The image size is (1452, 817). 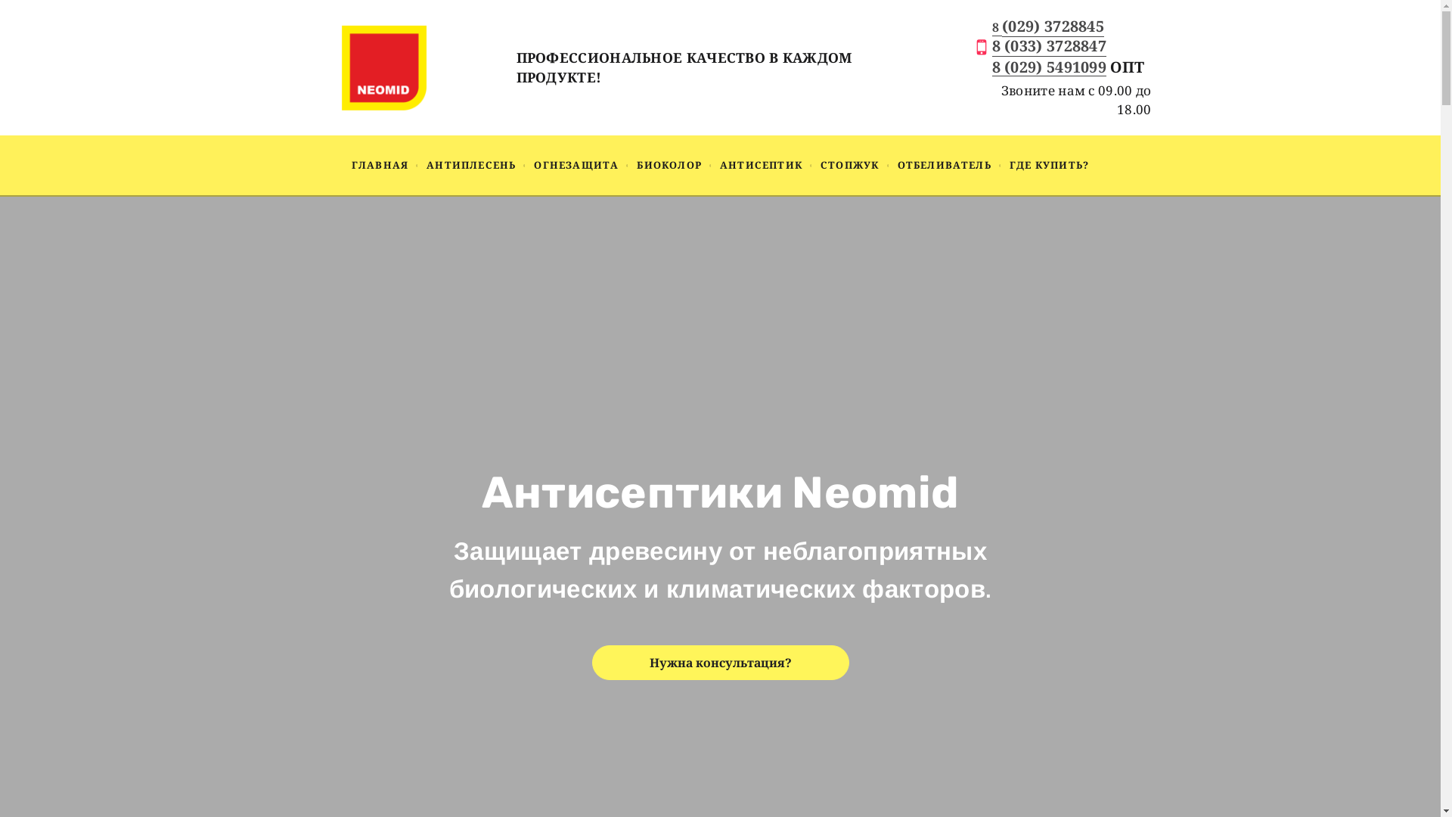 I want to click on '8 (029) 5491099', so click(x=1048, y=69).